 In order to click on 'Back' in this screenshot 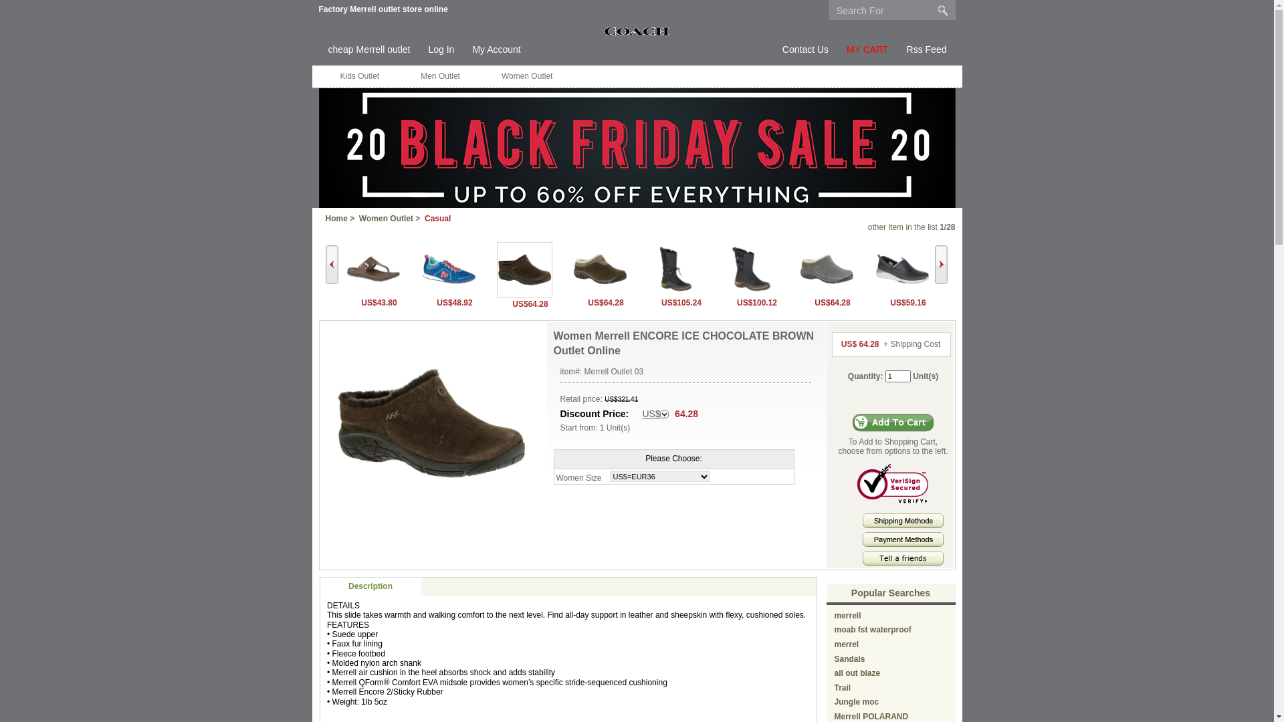, I will do `click(331, 265)`.